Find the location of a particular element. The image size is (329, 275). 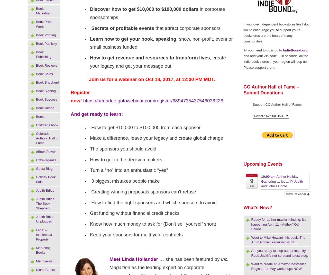

'All you need to do is go to' is located at coordinates (263, 50).